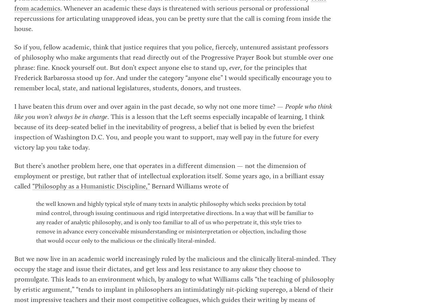 Image resolution: width=443 pixels, height=305 pixels. Describe the element at coordinates (169, 176) in the screenshot. I see `'But there’s another problem here, one that operates in a different dimension — not the dimension of employment or prestige, but rather that of intellectual exploration itself. Some years ago, in a brilliant essay called'` at that location.